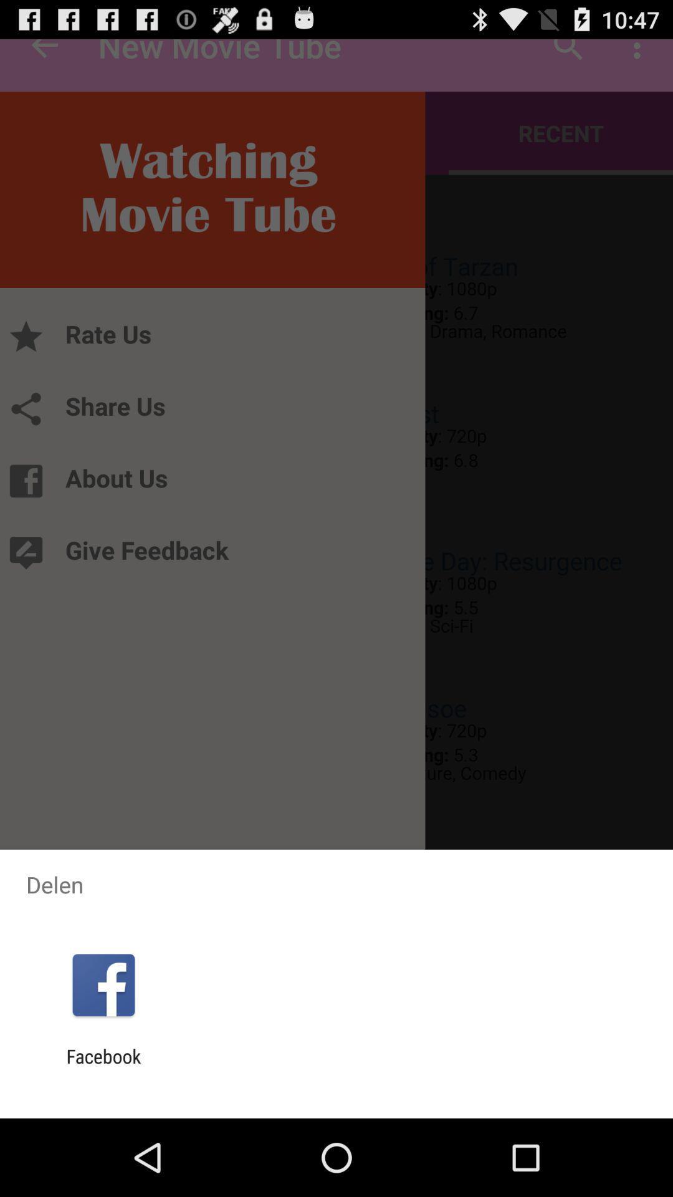 Image resolution: width=673 pixels, height=1197 pixels. Describe the element at coordinates (103, 984) in the screenshot. I see `item below the delen app` at that location.